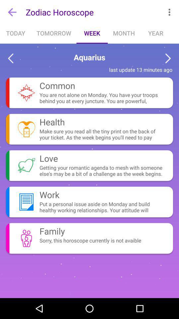 The width and height of the screenshot is (179, 319). What do you see at coordinates (12, 12) in the screenshot?
I see `the item above the today item` at bounding box center [12, 12].